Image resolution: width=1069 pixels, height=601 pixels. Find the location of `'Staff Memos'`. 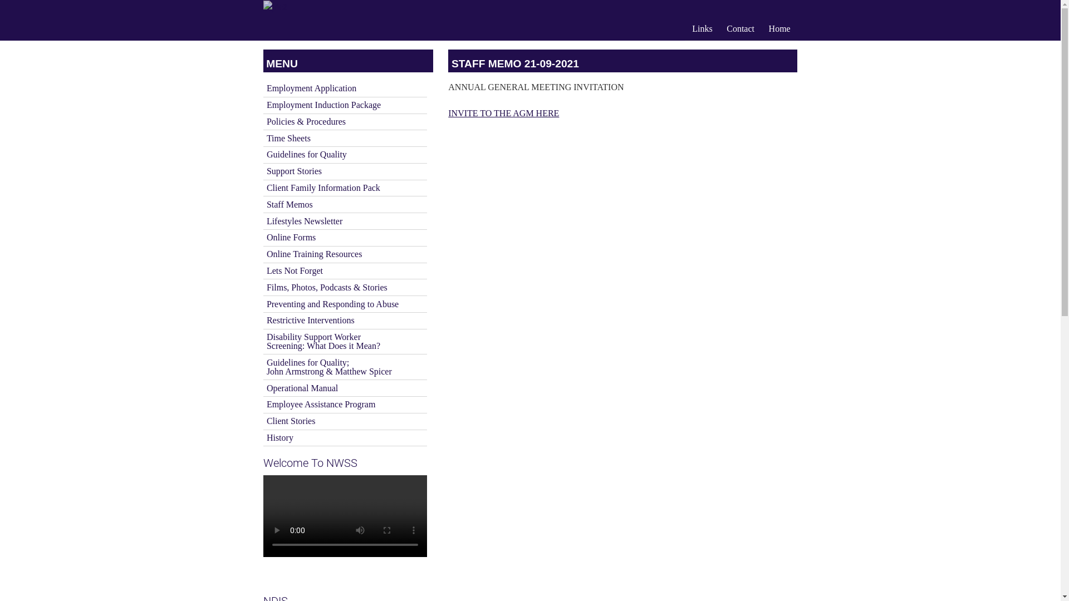

'Staff Memos' is located at coordinates (344, 204).